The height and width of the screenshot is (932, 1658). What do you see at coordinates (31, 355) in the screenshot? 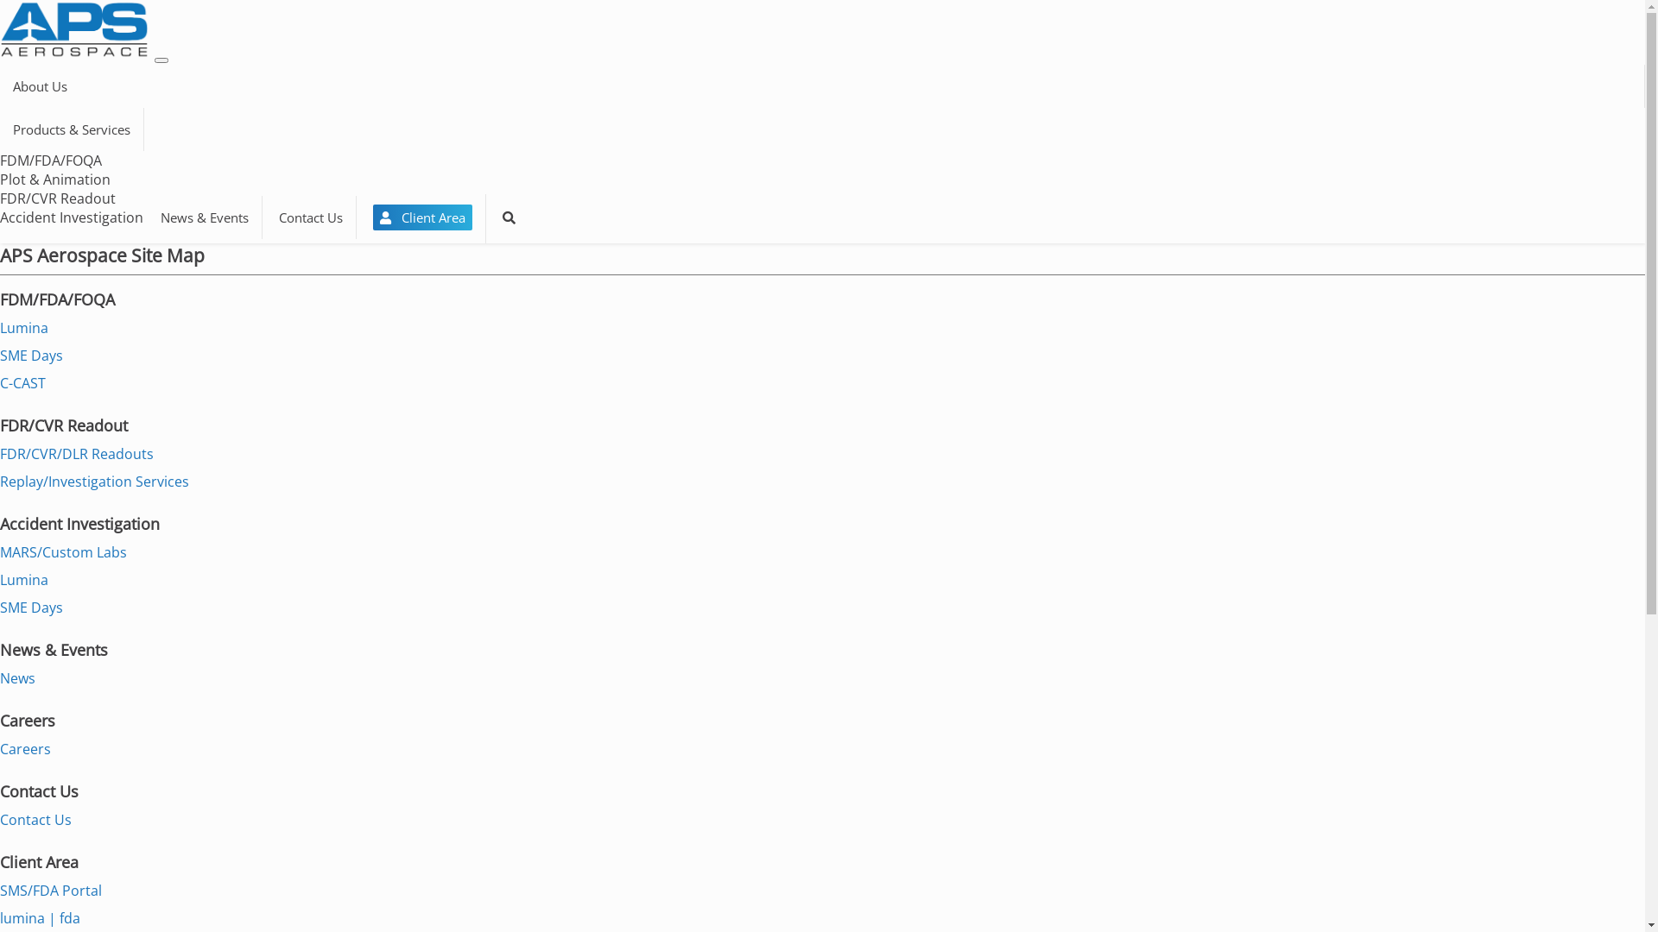
I see `'SME Days'` at bounding box center [31, 355].